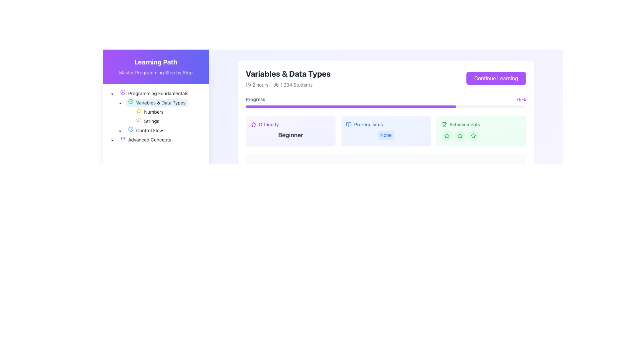 This screenshot has height=357, width=636. I want to click on text label indicating the difficulty level of the course, which is located to the right of a star icon in the 'Difficulty' rating section beneath the title 'Variables & Data Types', so click(269, 125).